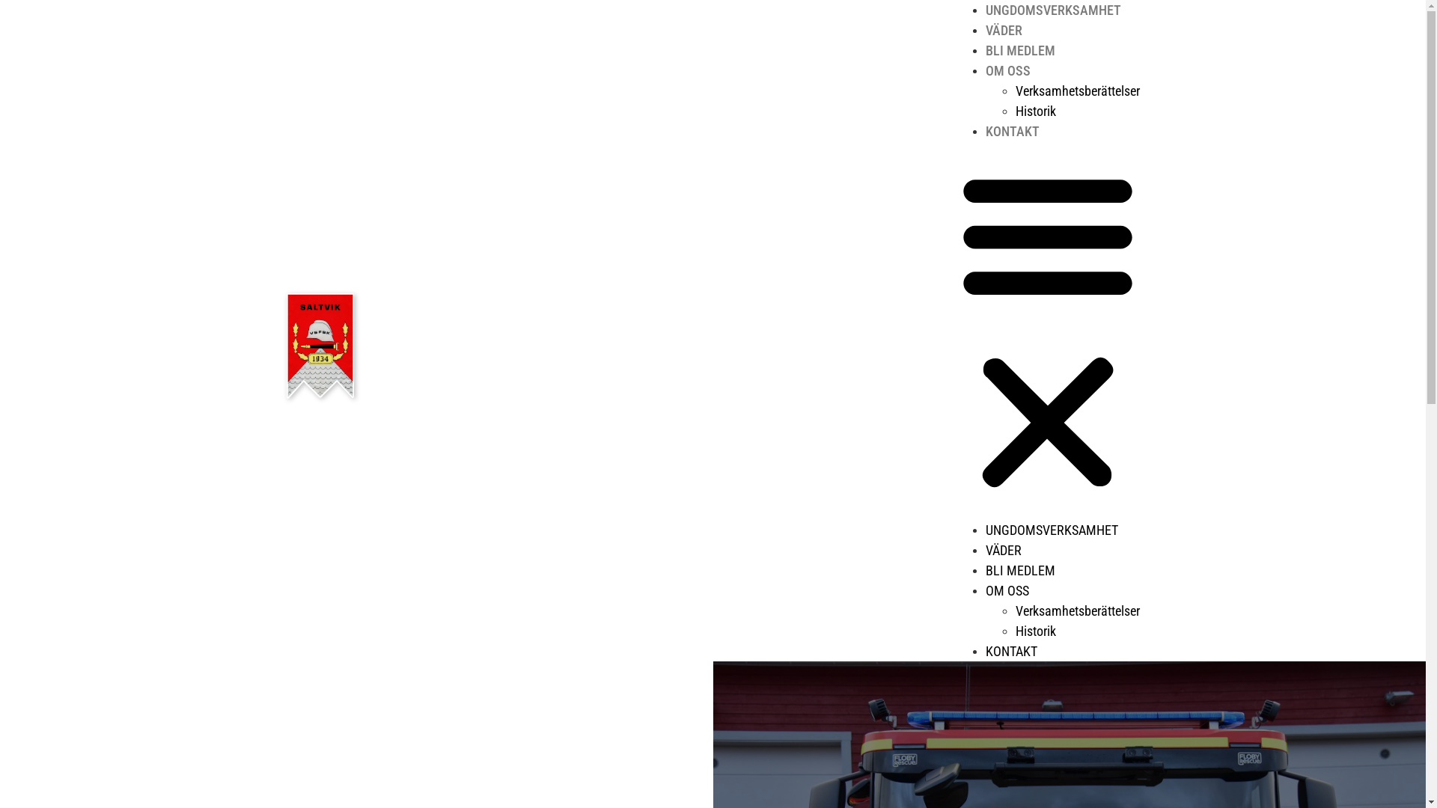  What do you see at coordinates (984, 130) in the screenshot?
I see `'KONTAKT'` at bounding box center [984, 130].